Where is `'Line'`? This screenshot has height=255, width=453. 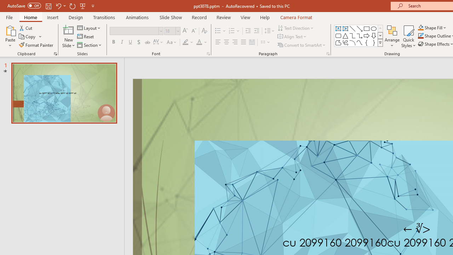
'Line' is located at coordinates (352, 28).